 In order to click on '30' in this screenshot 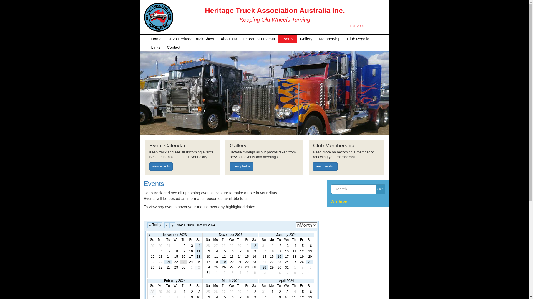, I will do `click(180, 267)`.